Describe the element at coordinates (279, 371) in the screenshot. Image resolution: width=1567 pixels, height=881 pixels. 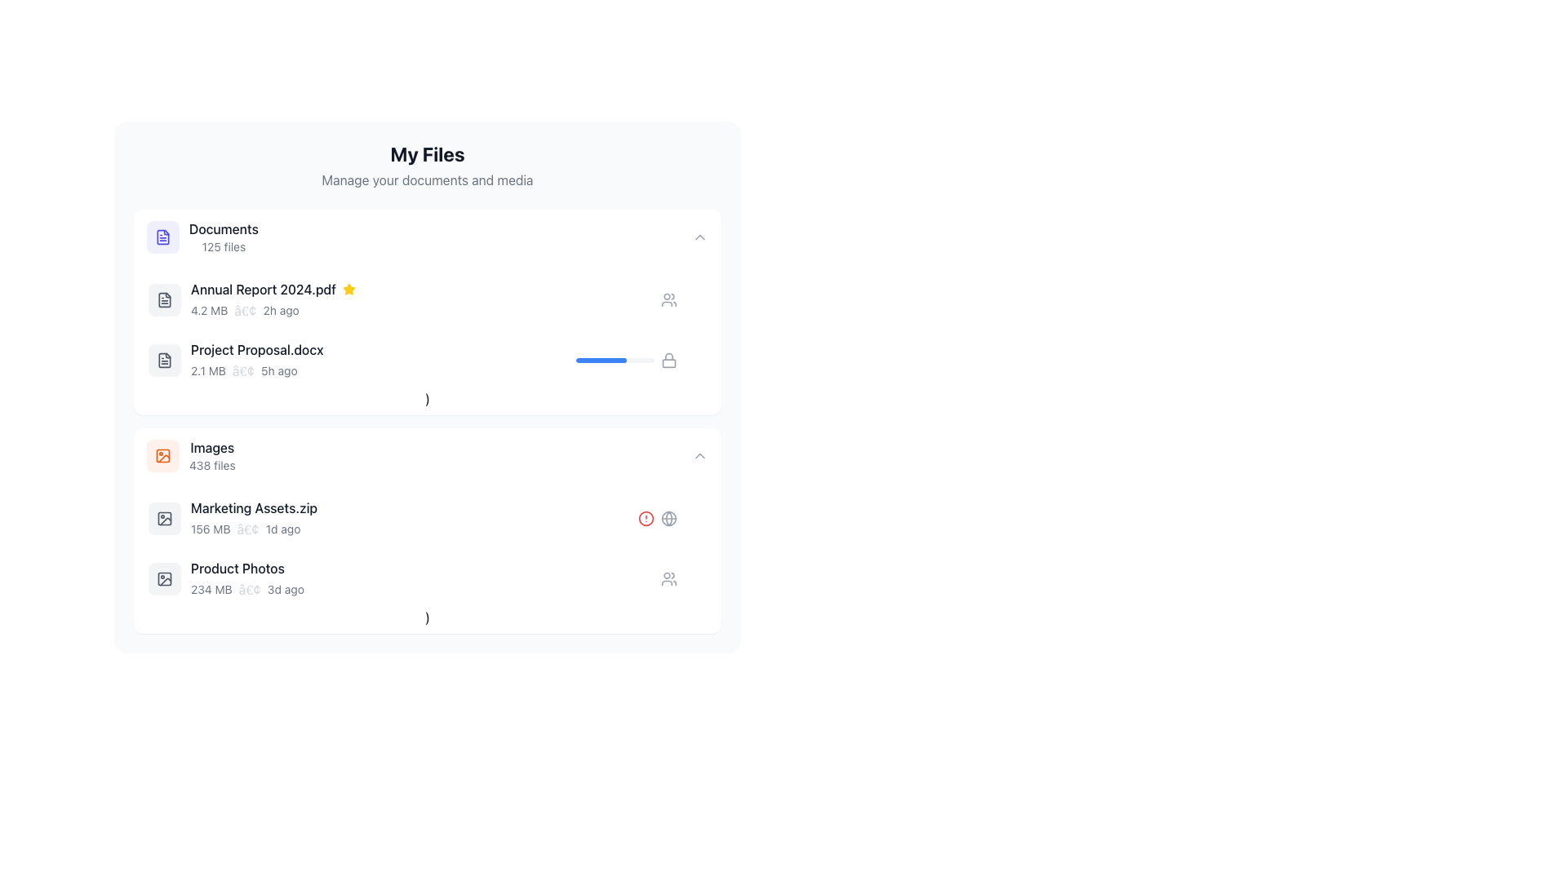
I see `the text label indicating the last modified time of the 'Project Proposal.docx' document` at that location.